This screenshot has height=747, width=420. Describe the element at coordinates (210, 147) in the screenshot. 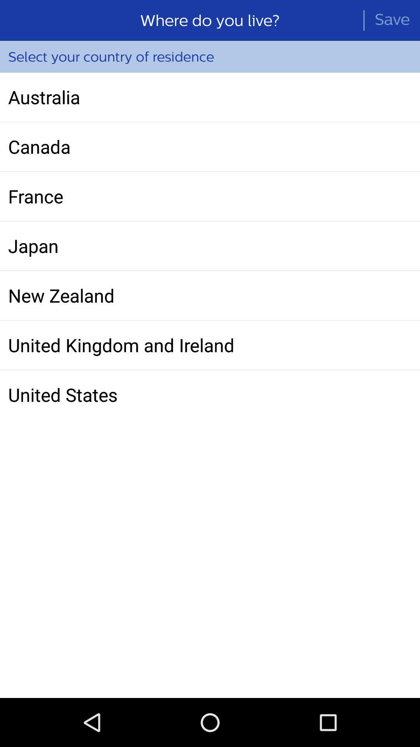

I see `canada` at that location.